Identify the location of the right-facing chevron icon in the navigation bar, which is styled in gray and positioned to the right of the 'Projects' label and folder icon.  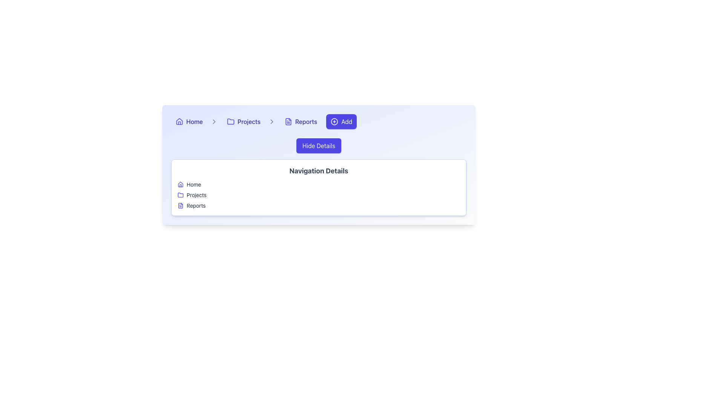
(271, 121).